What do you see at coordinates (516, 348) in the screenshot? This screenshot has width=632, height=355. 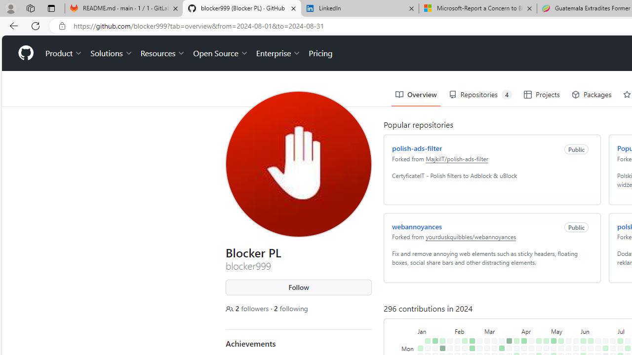 I see `'No contributions on April 1st.'` at bounding box center [516, 348].